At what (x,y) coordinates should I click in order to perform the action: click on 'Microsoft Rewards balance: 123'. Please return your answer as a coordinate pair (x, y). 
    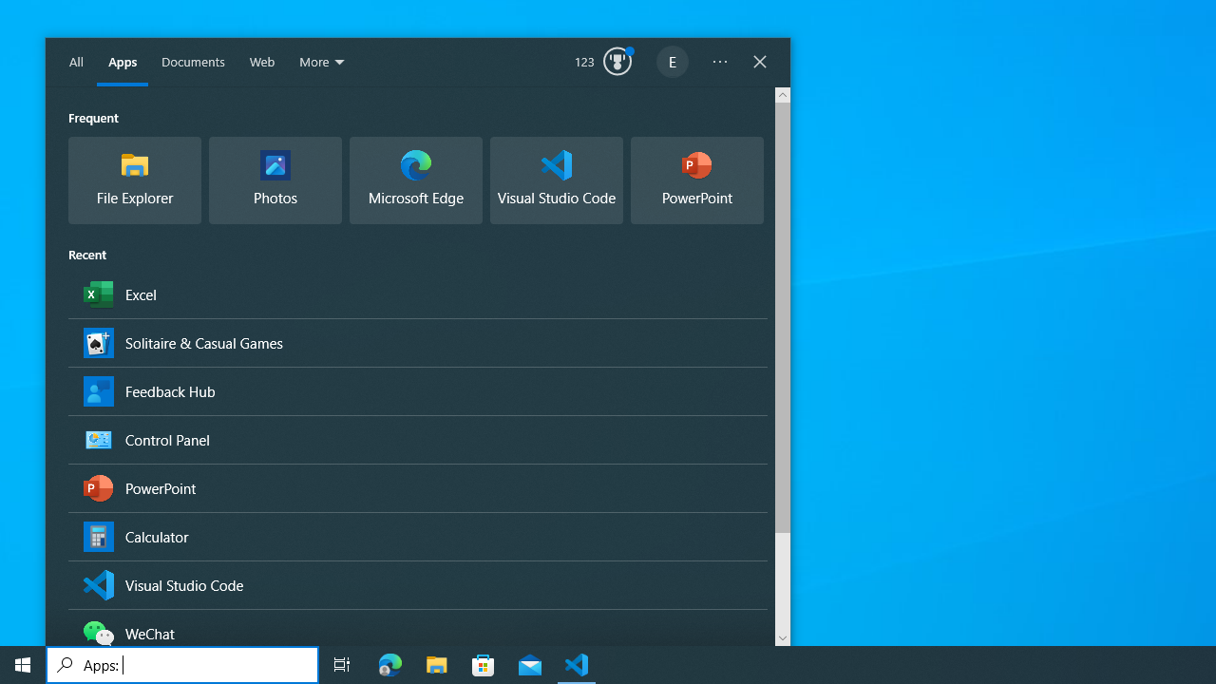
    Looking at the image, I should click on (602, 62).